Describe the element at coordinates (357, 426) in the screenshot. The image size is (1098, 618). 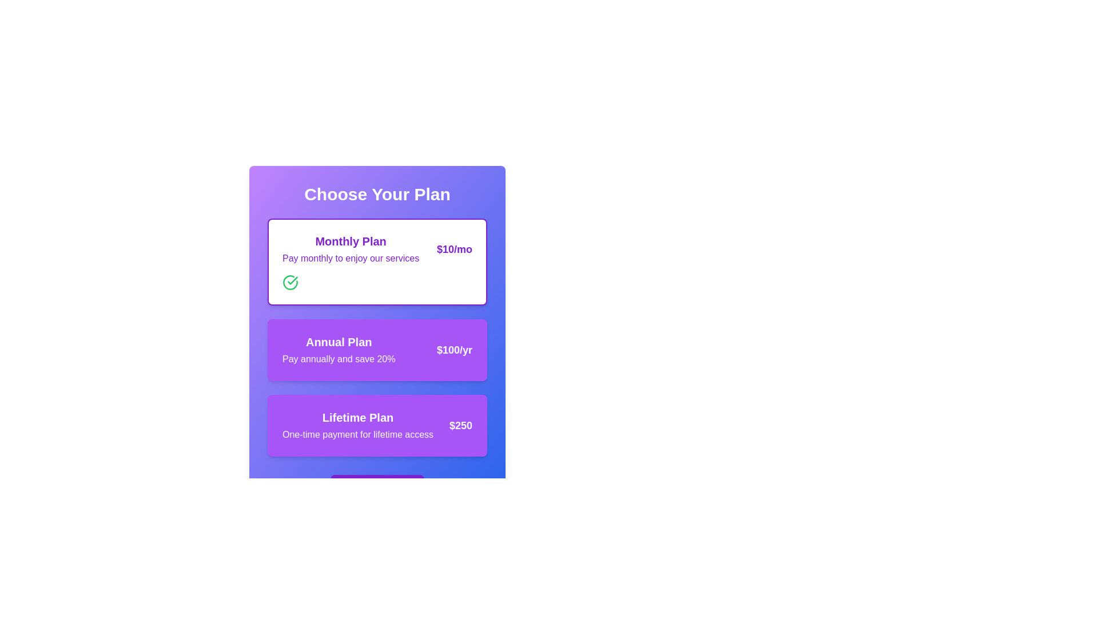
I see `the 'Lifetime Plan' text label, which is the third item in a vertically arranged list of plans, displaying 'Lifetime Plan' in bold on a purple background` at that location.